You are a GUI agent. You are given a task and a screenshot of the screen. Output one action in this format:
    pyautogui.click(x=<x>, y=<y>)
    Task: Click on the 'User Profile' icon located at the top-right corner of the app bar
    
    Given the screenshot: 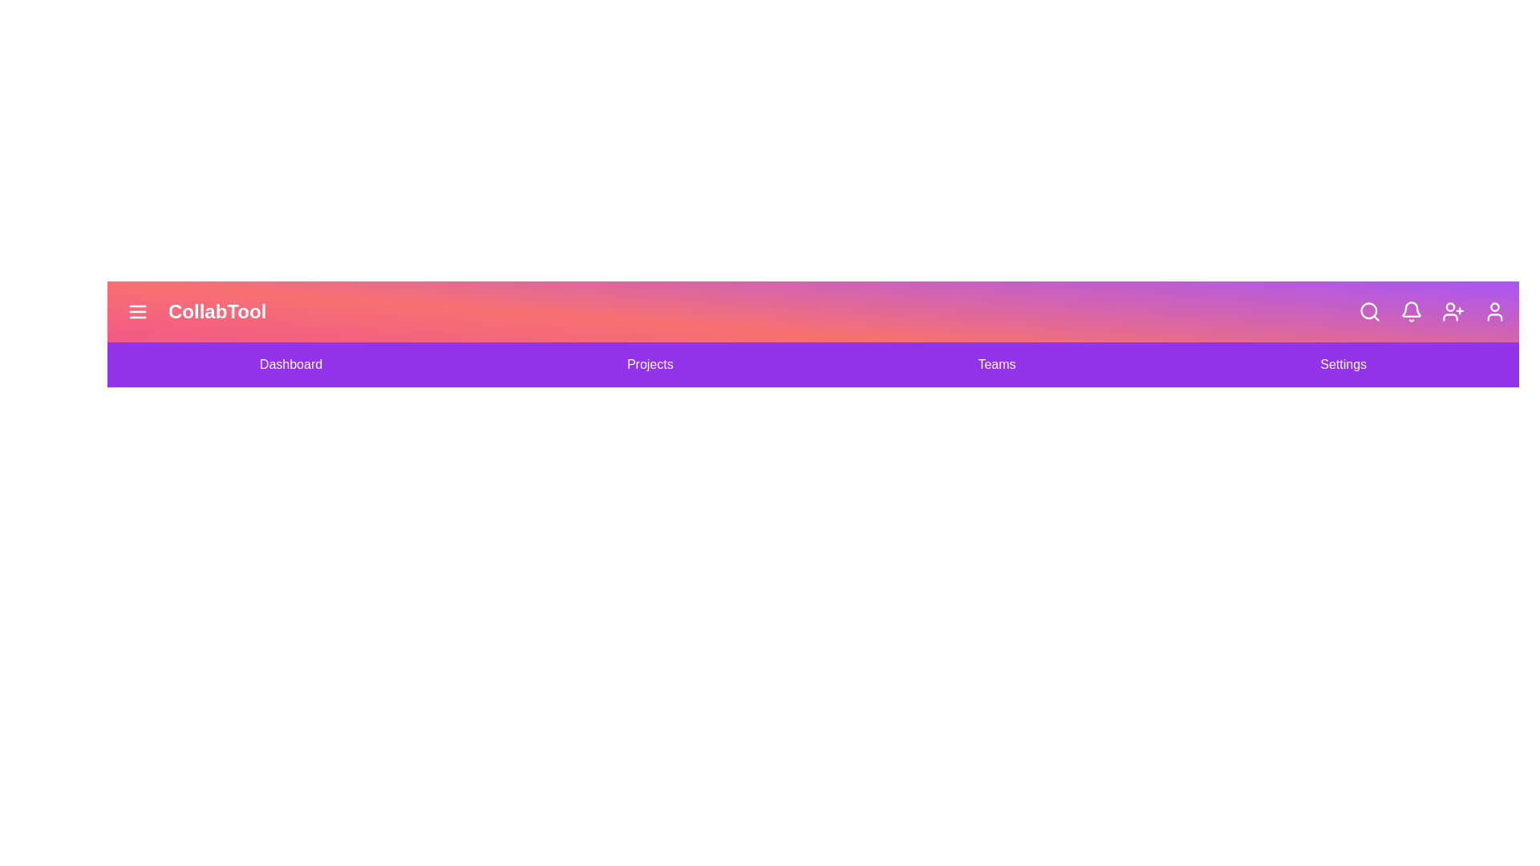 What is the action you would take?
    pyautogui.click(x=1493, y=312)
    